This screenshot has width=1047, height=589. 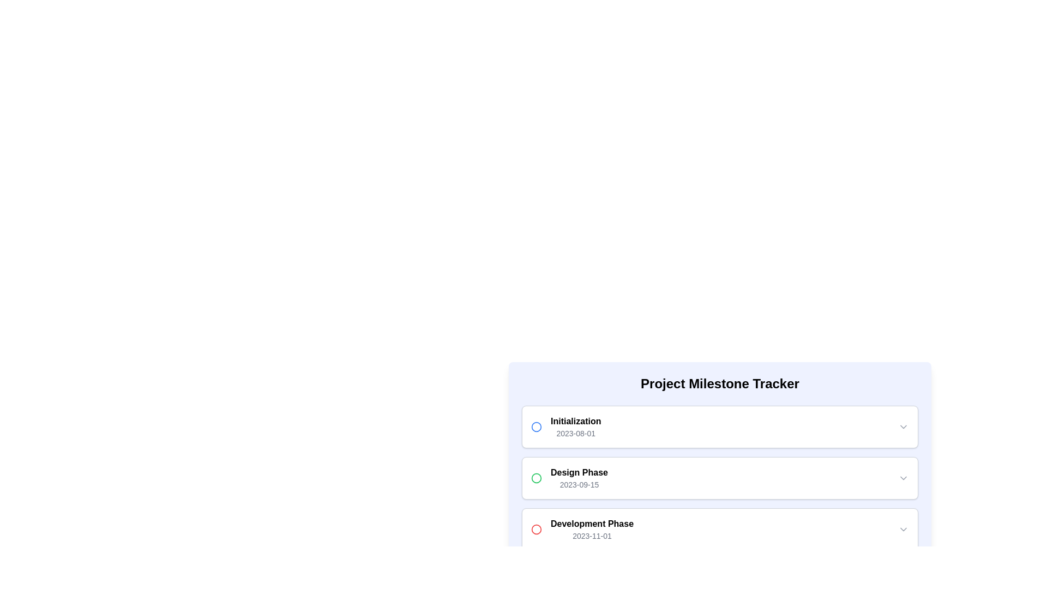 I want to click on the List Item displaying 'Development Phase' with a red circular icon to interact with it, so click(x=582, y=529).